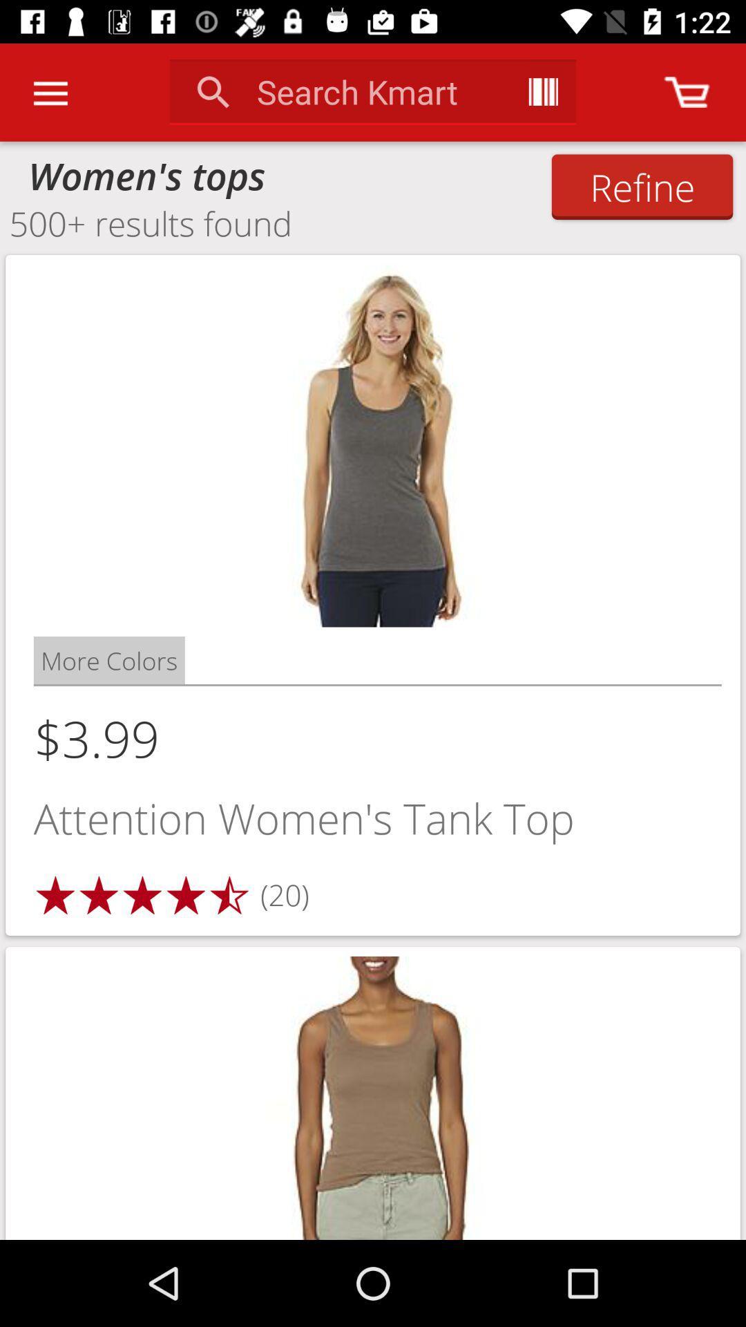  What do you see at coordinates (642, 186) in the screenshot?
I see `the refine icon` at bounding box center [642, 186].